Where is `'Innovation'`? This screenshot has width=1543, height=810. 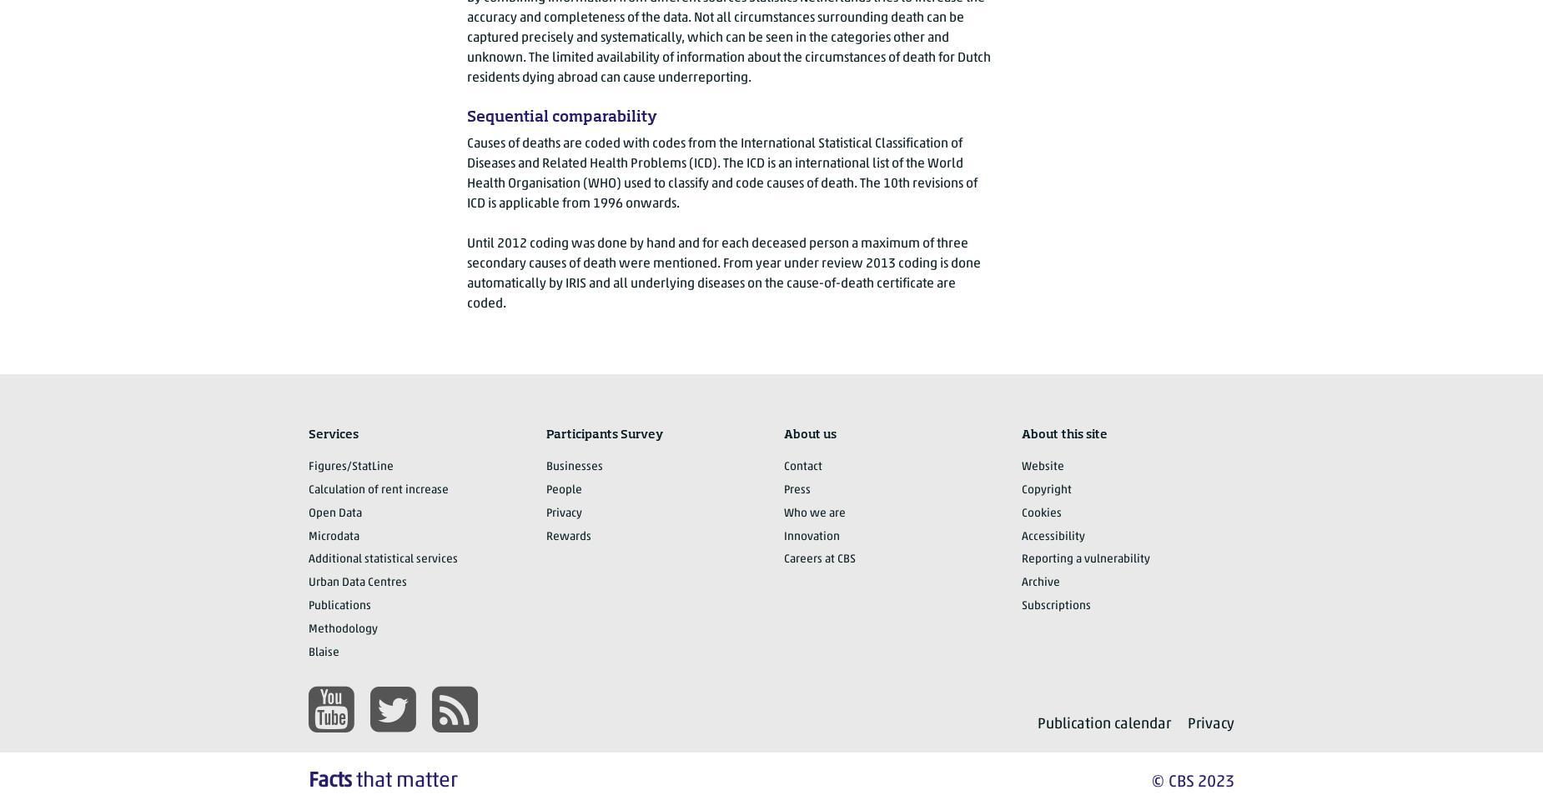
'Innovation' is located at coordinates (811, 536).